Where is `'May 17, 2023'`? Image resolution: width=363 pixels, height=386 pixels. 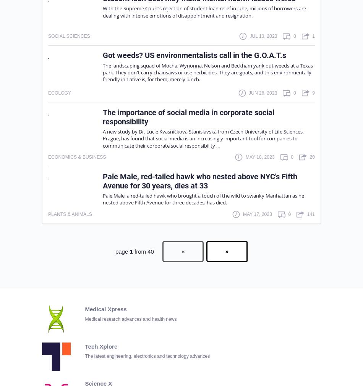 'May 17, 2023' is located at coordinates (257, 213).